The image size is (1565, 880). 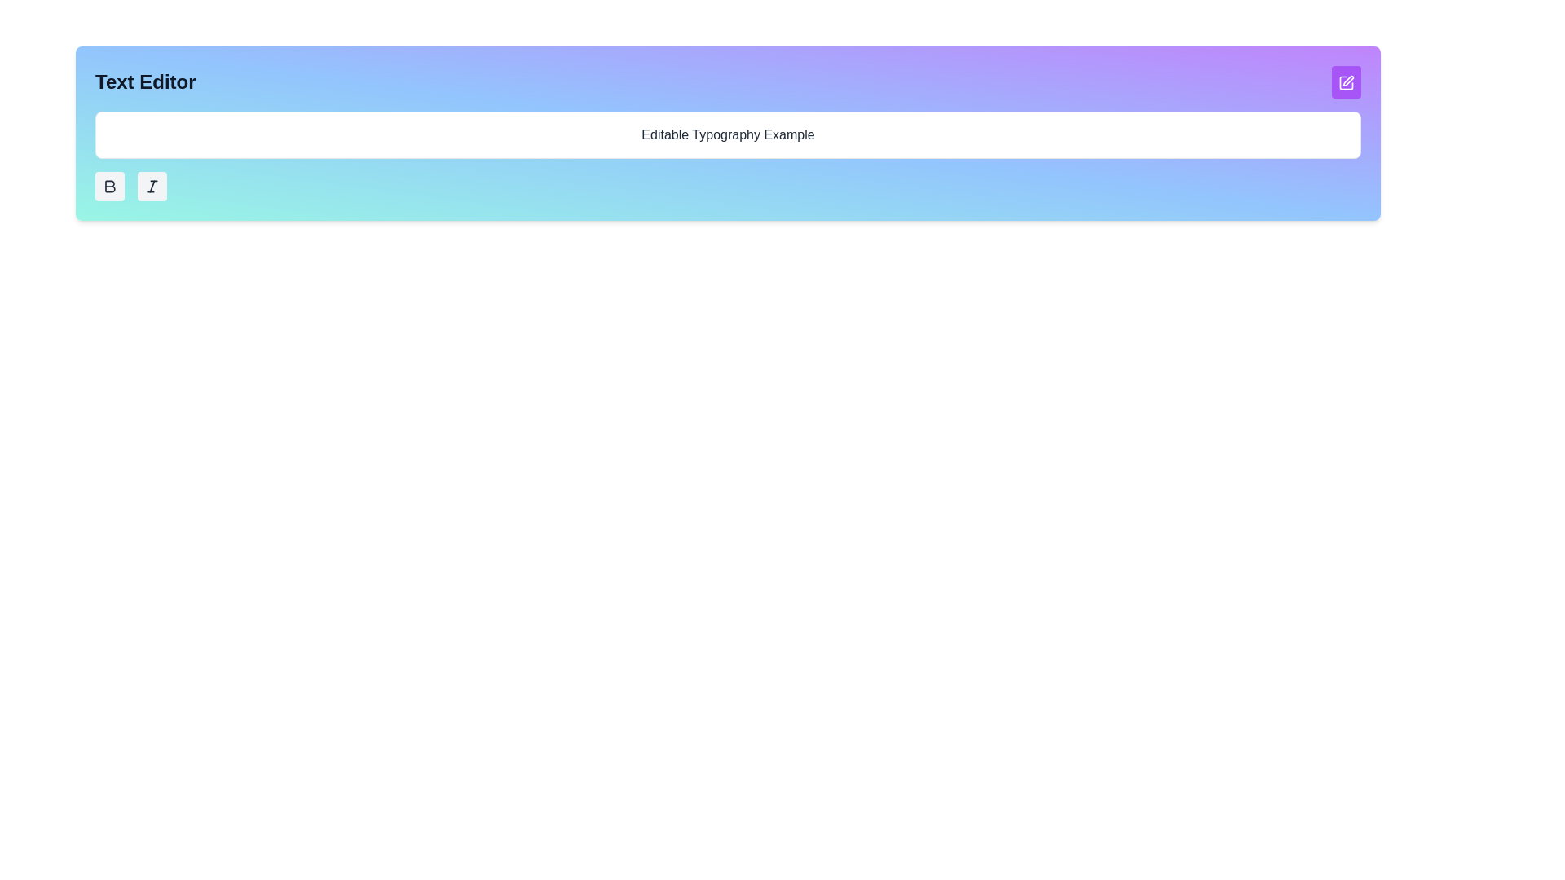 I want to click on the pen icon, so click(x=1348, y=81).